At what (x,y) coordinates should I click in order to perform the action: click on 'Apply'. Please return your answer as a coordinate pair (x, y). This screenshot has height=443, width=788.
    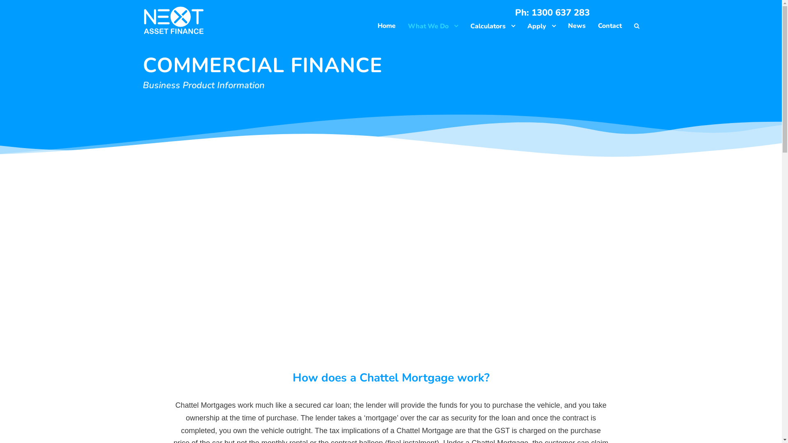
    Looking at the image, I should click on (527, 28).